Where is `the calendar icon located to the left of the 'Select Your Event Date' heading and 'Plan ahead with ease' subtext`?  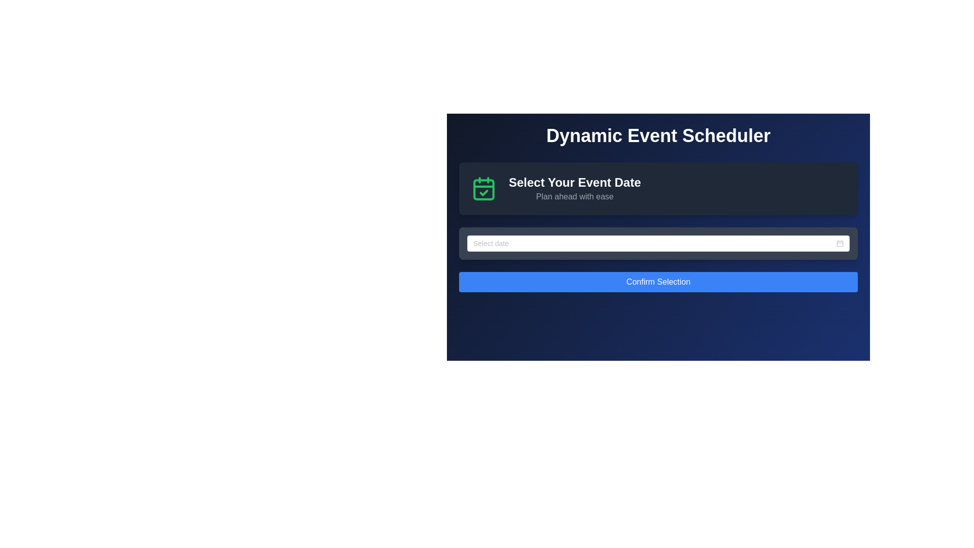 the calendar icon located to the left of the 'Select Your Event Date' heading and 'Plan ahead with ease' subtext is located at coordinates (483, 188).